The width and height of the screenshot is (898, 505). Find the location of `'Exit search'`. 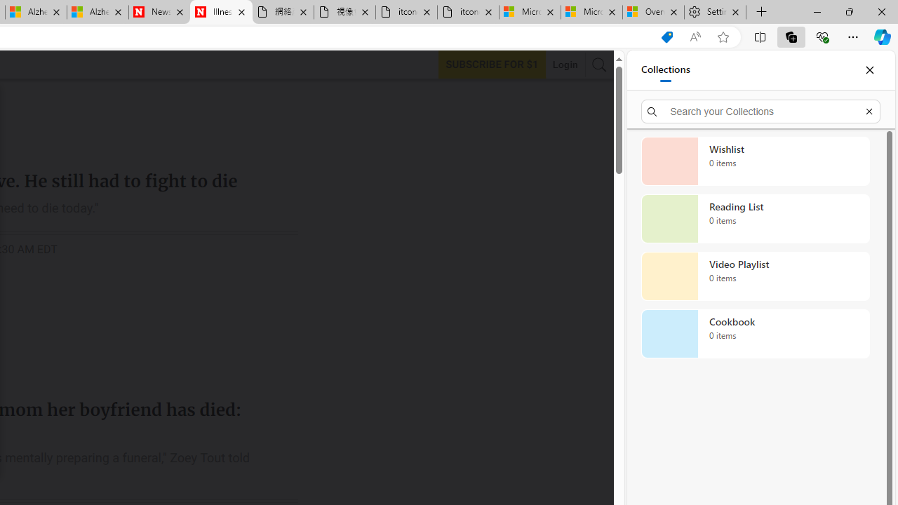

'Exit search' is located at coordinates (869, 111).